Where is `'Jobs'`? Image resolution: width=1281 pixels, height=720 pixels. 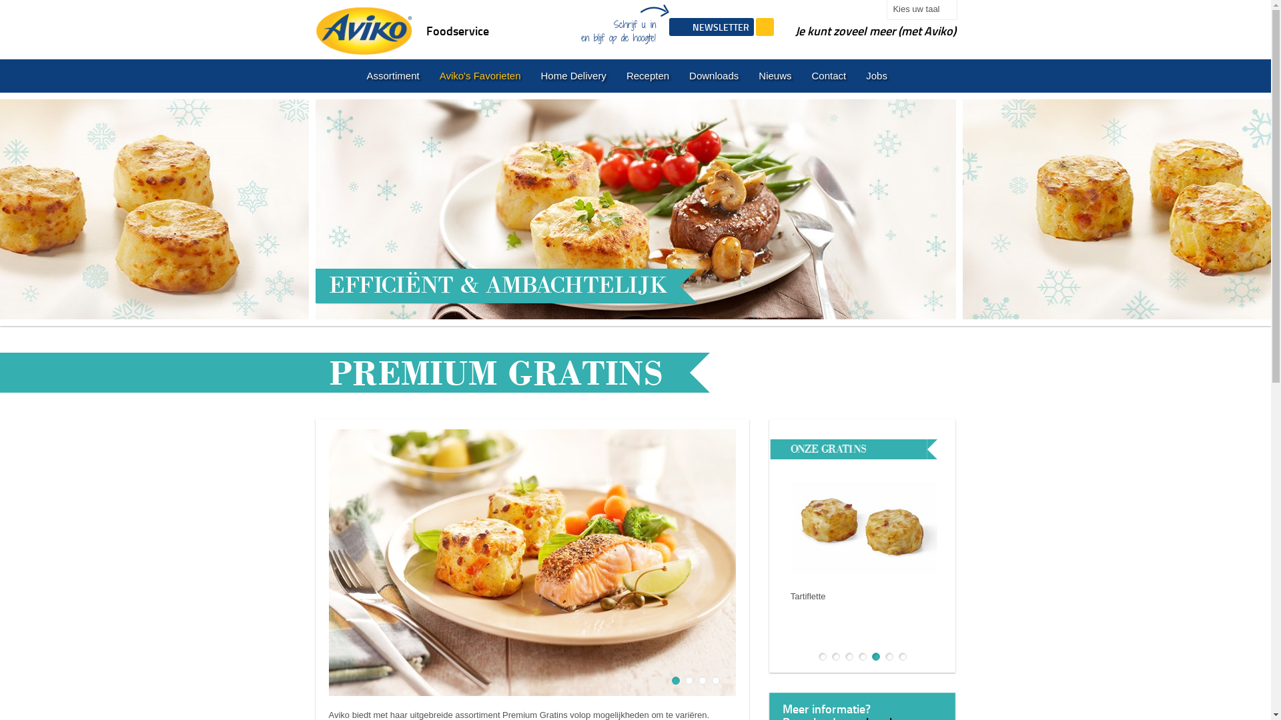
'Jobs' is located at coordinates (877, 76).